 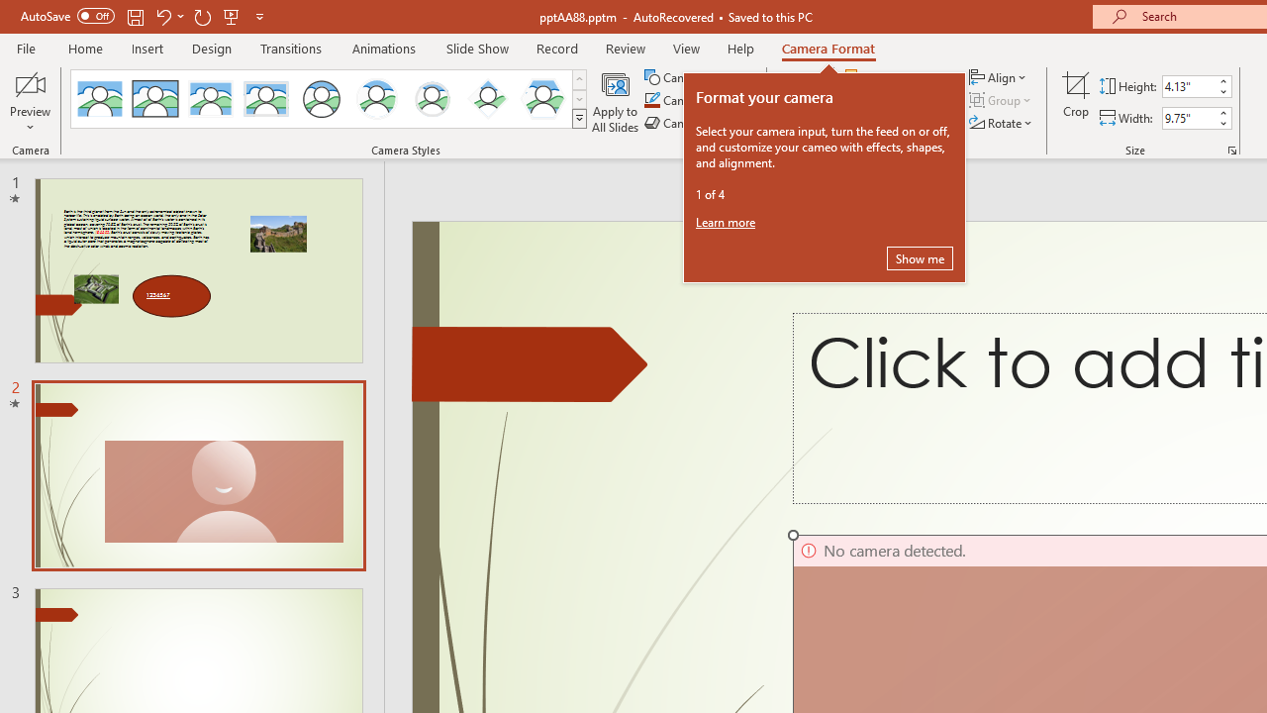 What do you see at coordinates (487, 99) in the screenshot?
I see `'Center Shadow Diamond'` at bounding box center [487, 99].